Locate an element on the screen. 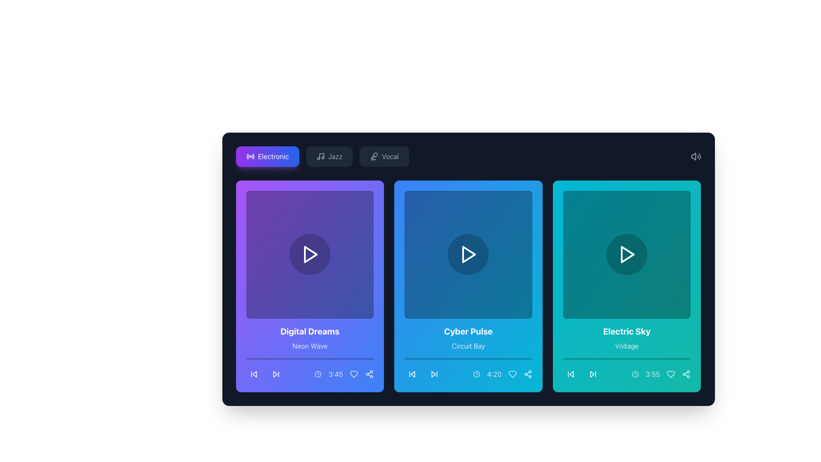 Image resolution: width=821 pixels, height=462 pixels. the 'like' icon button located at the bottom right of the 'Electric Sky' card is located at coordinates (670, 373).